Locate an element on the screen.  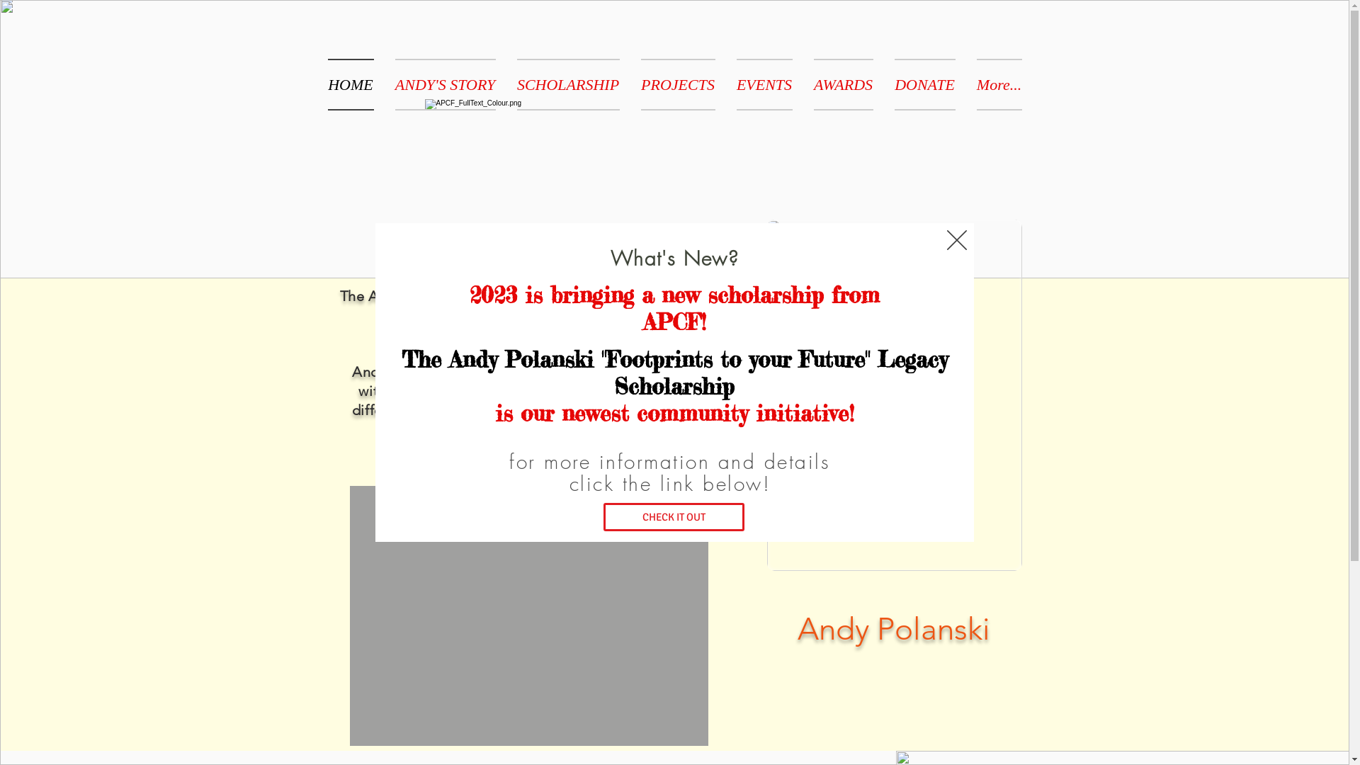
'SCHOLARSHIP' is located at coordinates (567, 84).